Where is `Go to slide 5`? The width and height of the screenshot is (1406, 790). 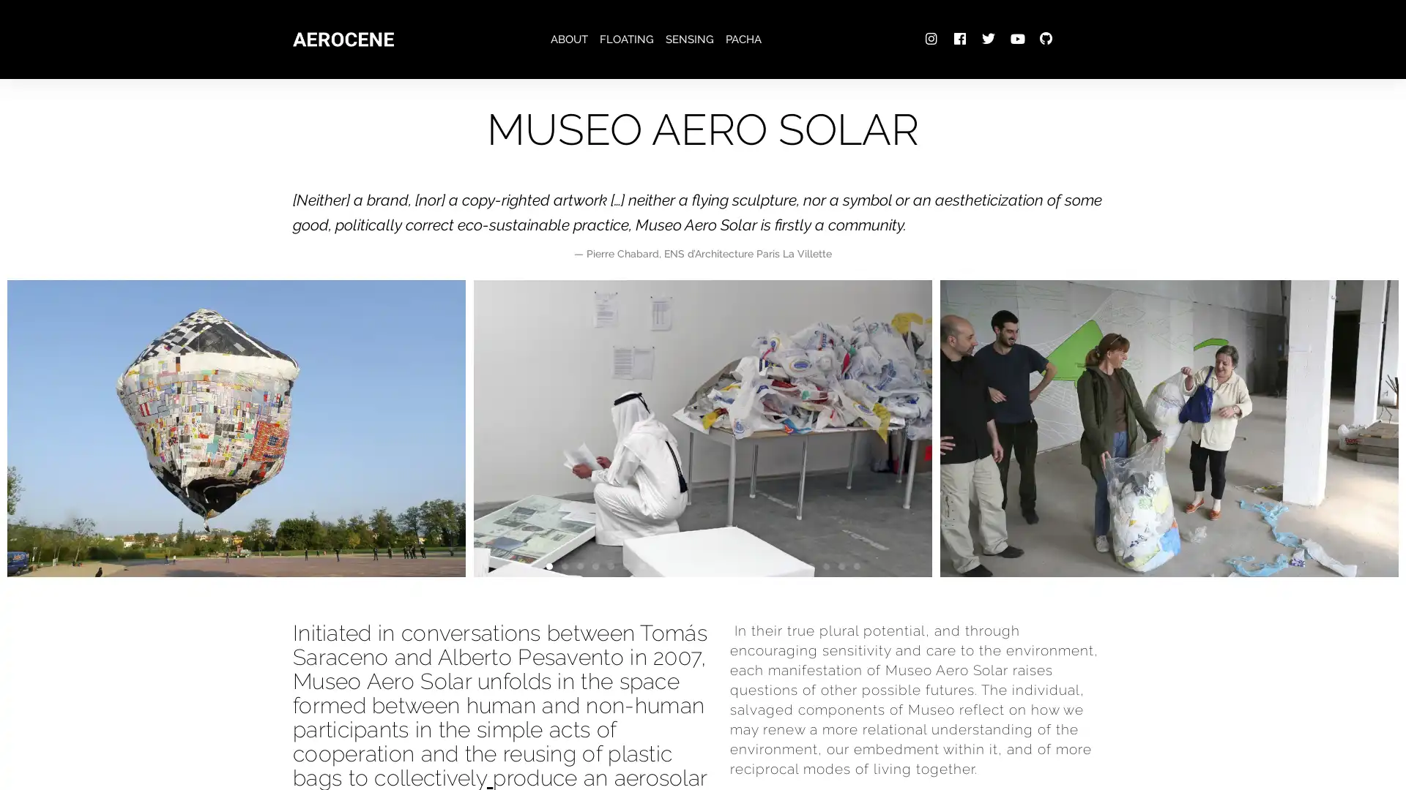 Go to slide 5 is located at coordinates (610, 565).